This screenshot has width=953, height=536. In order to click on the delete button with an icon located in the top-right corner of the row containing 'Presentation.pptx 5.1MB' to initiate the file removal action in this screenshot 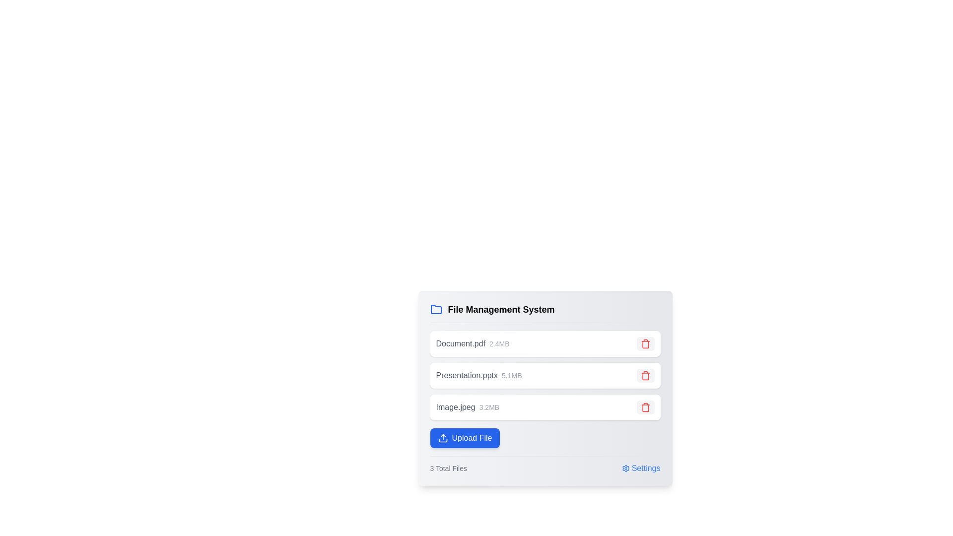, I will do `click(645, 375)`.